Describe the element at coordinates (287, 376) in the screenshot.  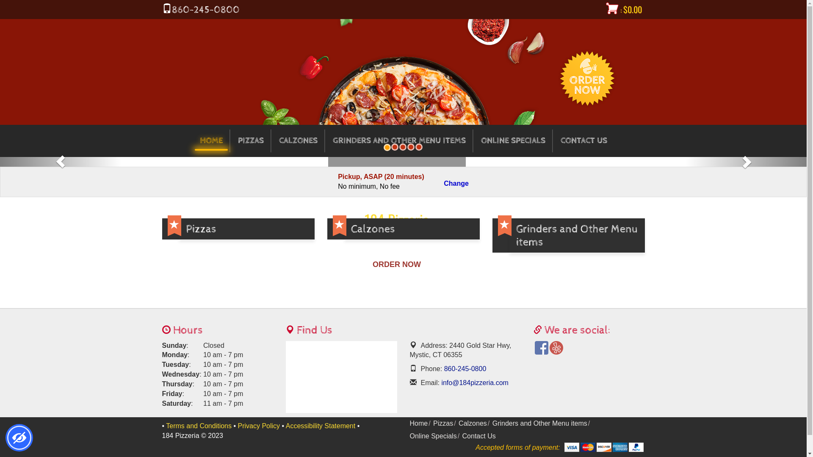
I see `'Maps'` at that location.